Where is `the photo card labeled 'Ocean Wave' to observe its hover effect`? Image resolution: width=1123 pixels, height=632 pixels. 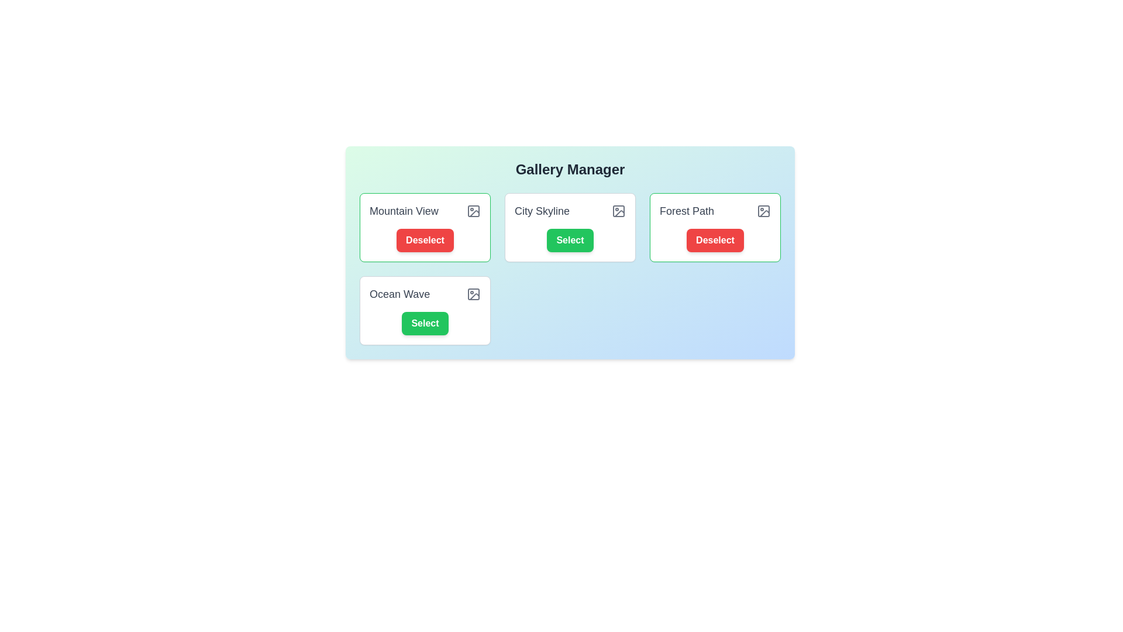
the photo card labeled 'Ocean Wave' to observe its hover effect is located at coordinates (424, 310).